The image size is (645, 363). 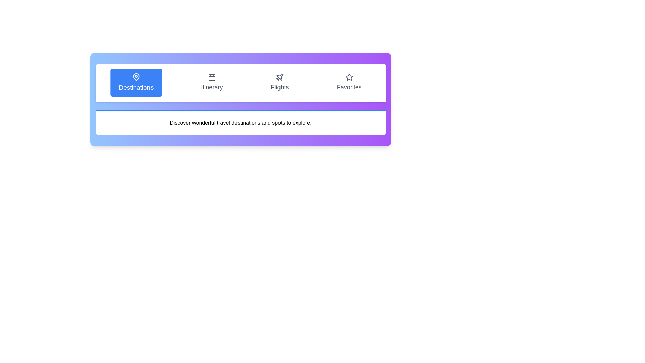 I want to click on the tab labeled Flights to view its content, so click(x=280, y=82).